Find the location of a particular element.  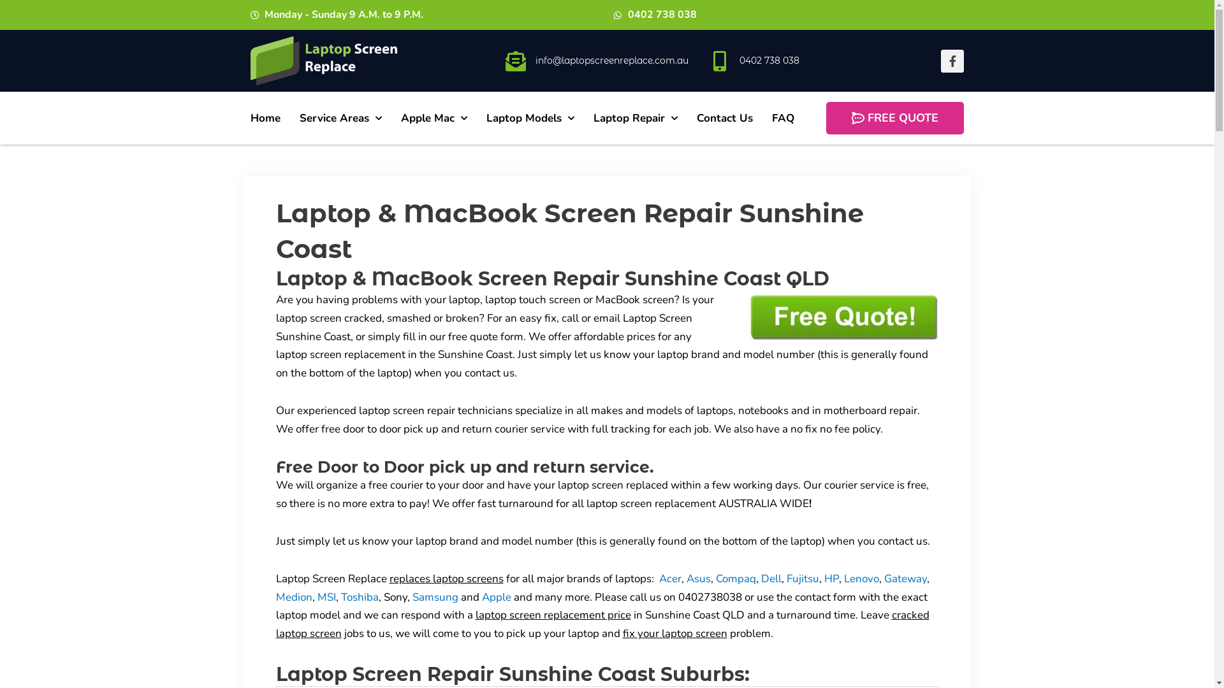

'Dell' is located at coordinates (761, 578).